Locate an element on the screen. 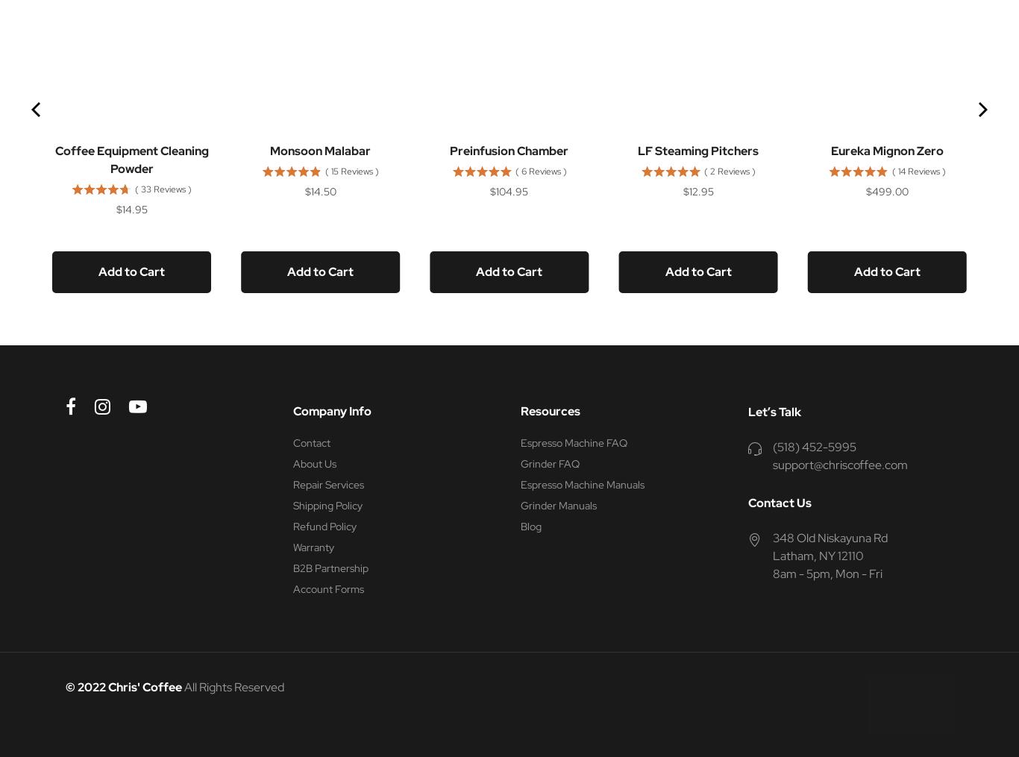  'Powered by Rebuy' is located at coordinates (478, 332).